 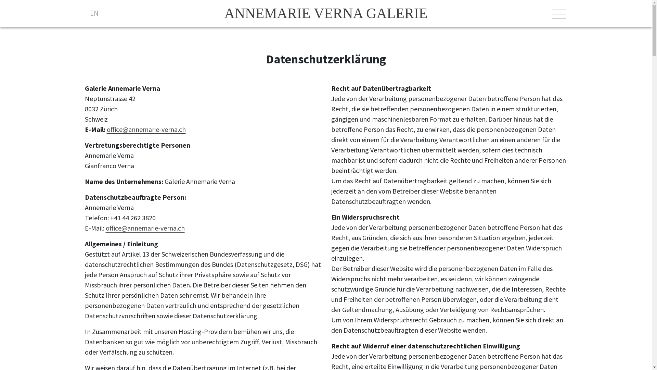 I want to click on 'ANNEMARIE VERNA GALERIE', so click(x=325, y=13).